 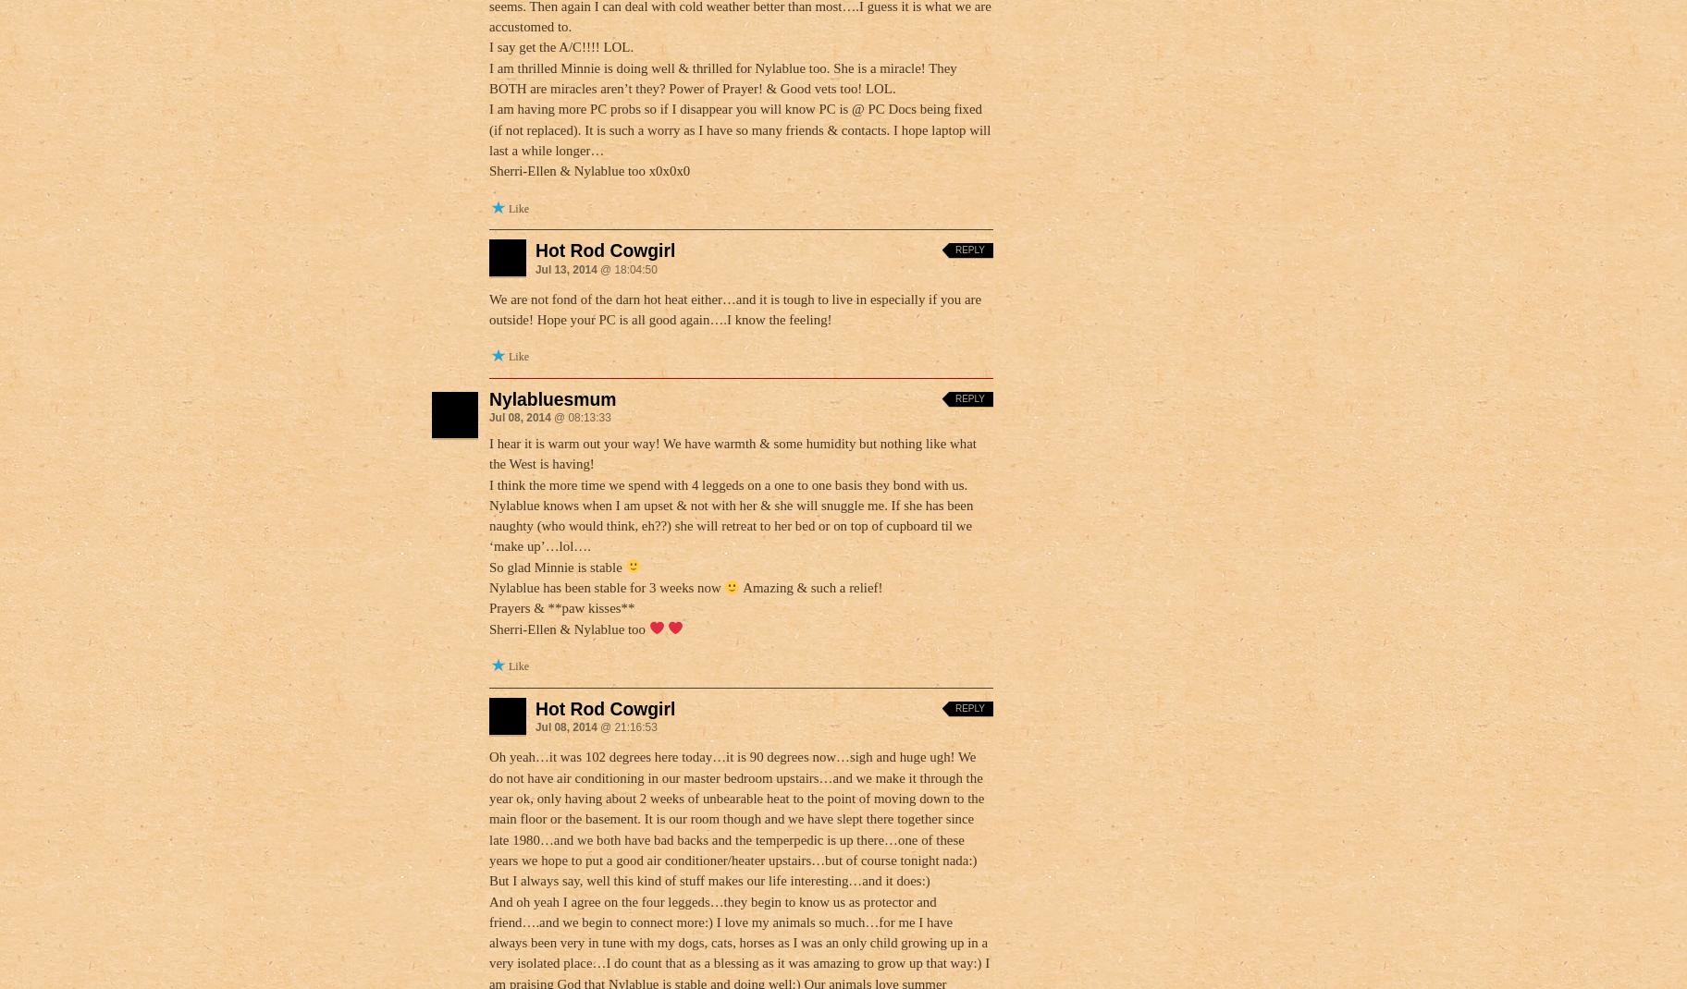 I want to click on '@ 08:13:33', so click(x=579, y=417).